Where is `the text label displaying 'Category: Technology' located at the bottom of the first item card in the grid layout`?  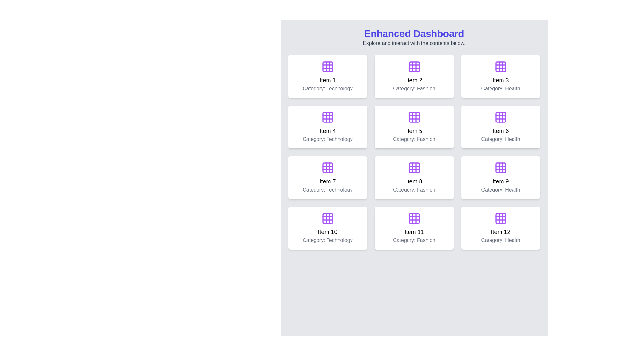 the text label displaying 'Category: Technology' located at the bottom of the first item card in the grid layout is located at coordinates (328, 88).